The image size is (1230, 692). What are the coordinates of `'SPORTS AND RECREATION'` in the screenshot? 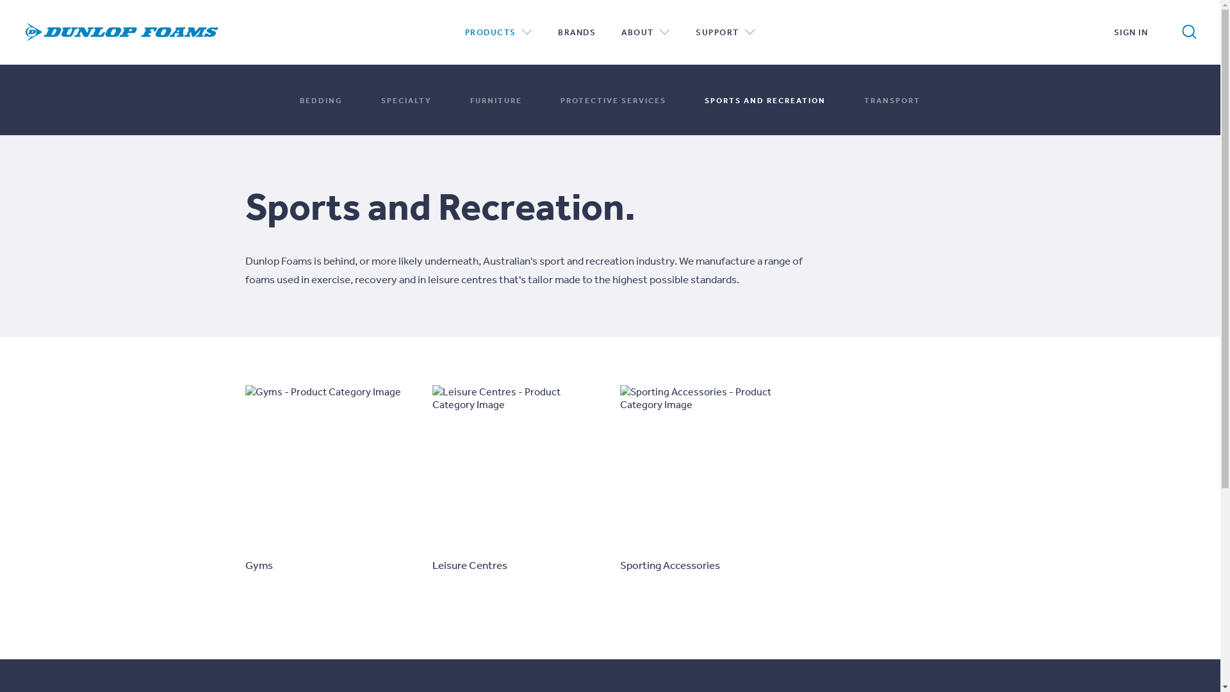 It's located at (765, 99).